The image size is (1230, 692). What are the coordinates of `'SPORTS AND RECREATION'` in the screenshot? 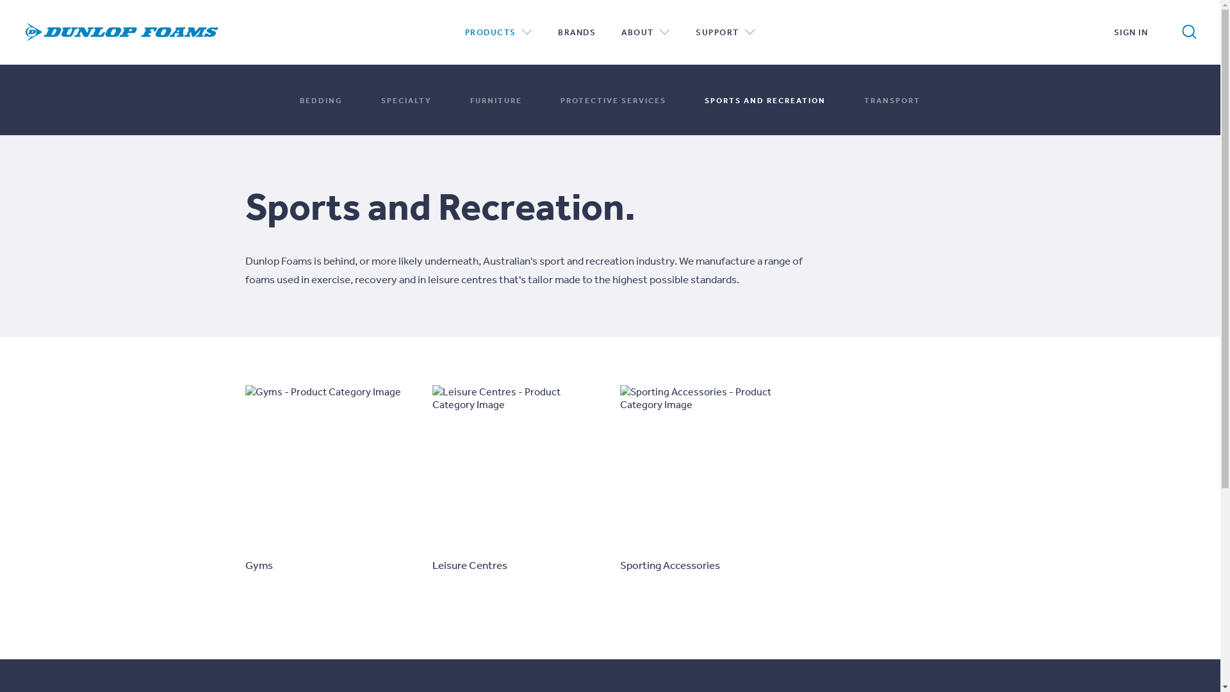 It's located at (765, 99).